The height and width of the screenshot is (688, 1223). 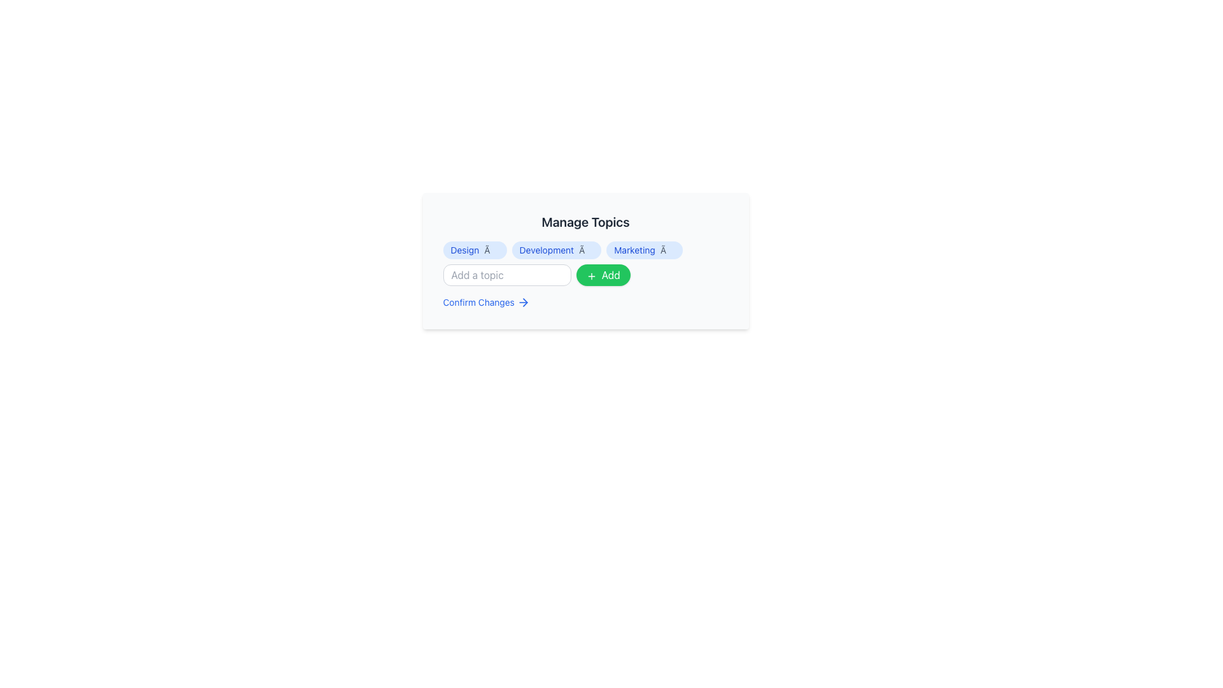 I want to click on the button located at the top-right corner of the 'Marketing' blue tag, so click(x=667, y=250).